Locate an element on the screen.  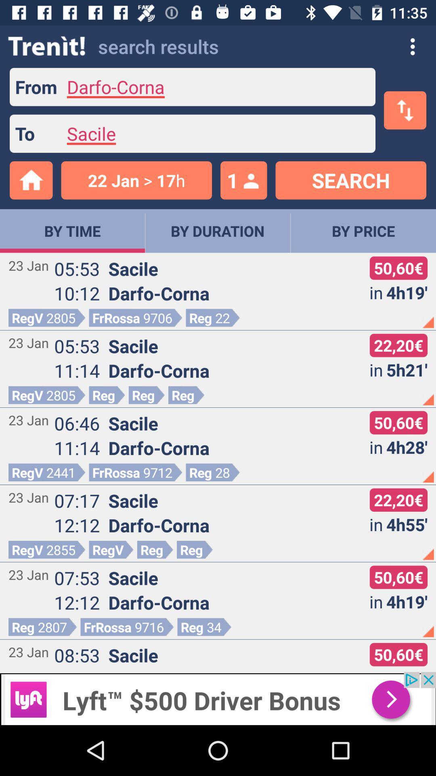
the home icon is located at coordinates (31, 180).